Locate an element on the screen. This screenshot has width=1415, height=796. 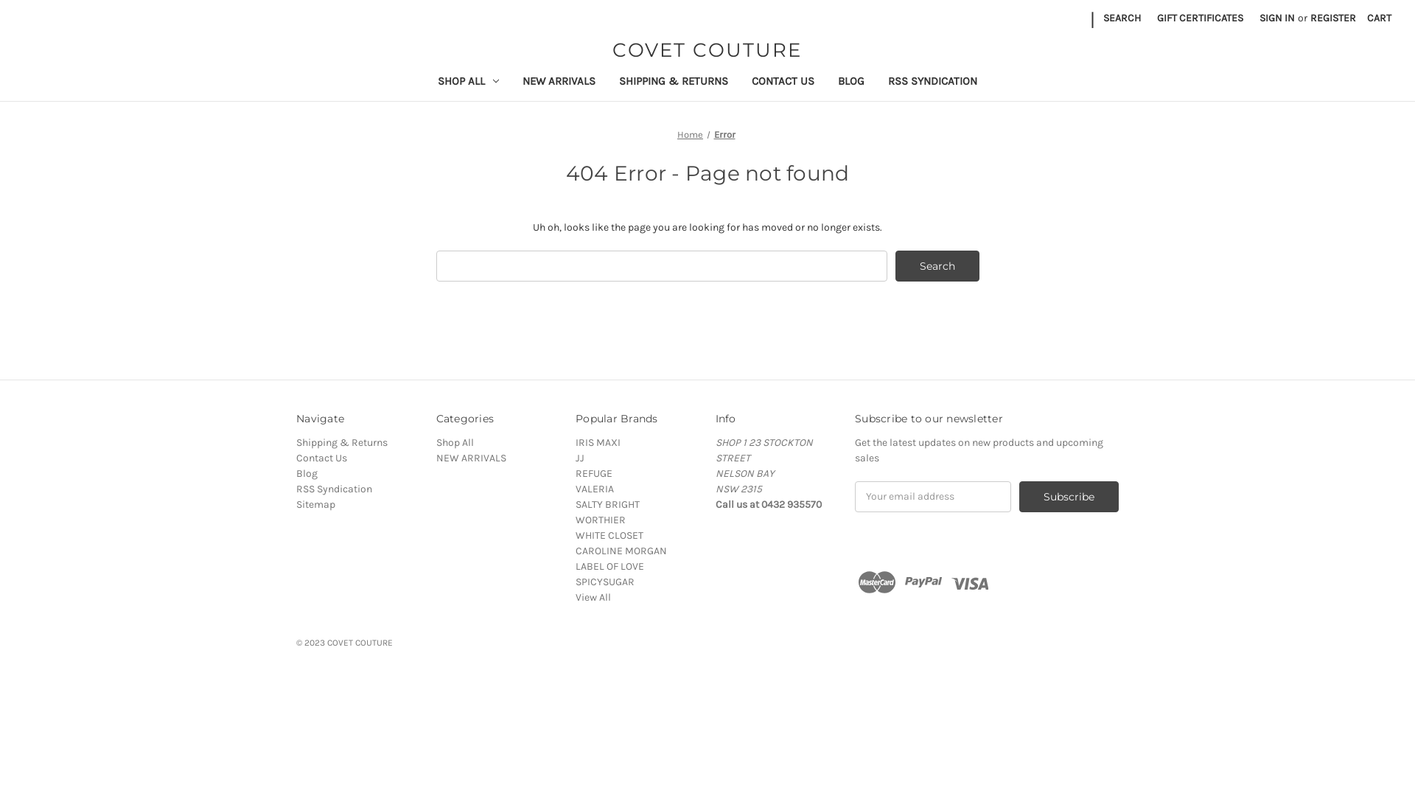
'WHITE CLOSET' is located at coordinates (609, 535).